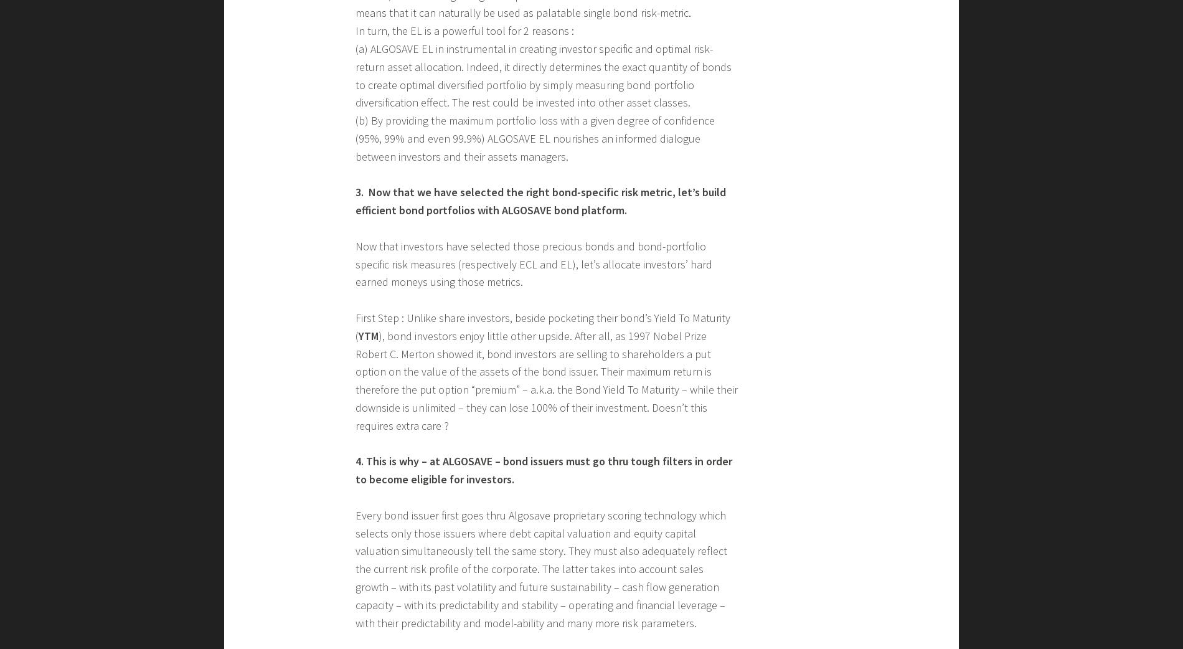 Image resolution: width=1183 pixels, height=649 pixels. I want to click on 'In turn, the EL is a powerful tool for 2 reasons :', so click(355, 30).